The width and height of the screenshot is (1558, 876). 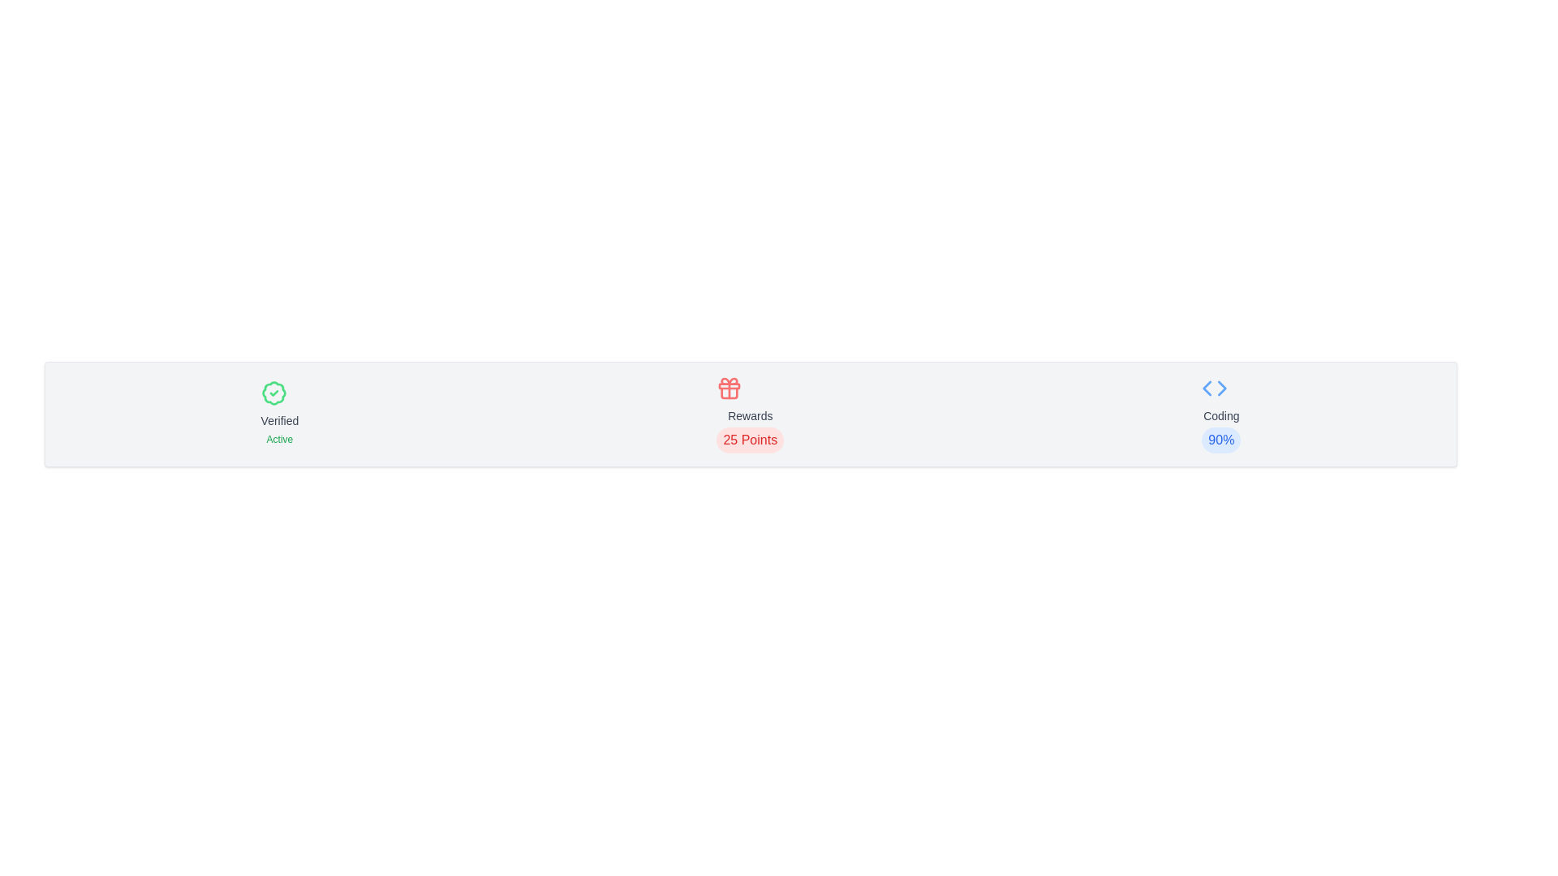 What do you see at coordinates (729, 386) in the screenshot?
I see `the small red horizontal bar with rounded corners located inside the gift icon, which is aligned horizontally and centered within the icon` at bounding box center [729, 386].